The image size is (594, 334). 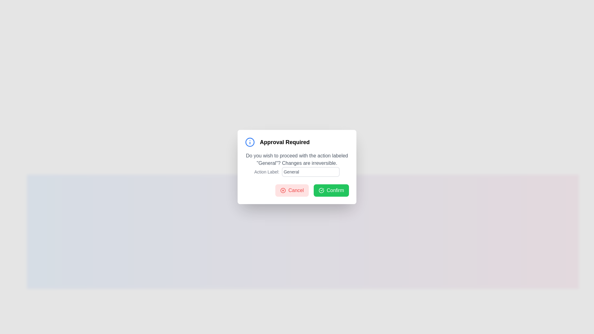 What do you see at coordinates (292, 190) in the screenshot?
I see `the 'Cancel' button with red text and a circular icon featuring a cross symbol, located in the bottom-right section of the modal dialog` at bounding box center [292, 190].